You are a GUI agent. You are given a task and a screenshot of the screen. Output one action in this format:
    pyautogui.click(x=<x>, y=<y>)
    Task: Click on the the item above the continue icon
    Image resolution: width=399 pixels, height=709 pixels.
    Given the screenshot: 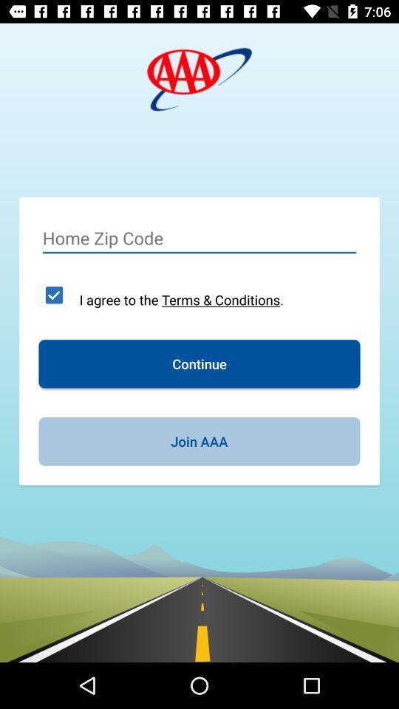 What is the action you would take?
    pyautogui.click(x=53, y=294)
    